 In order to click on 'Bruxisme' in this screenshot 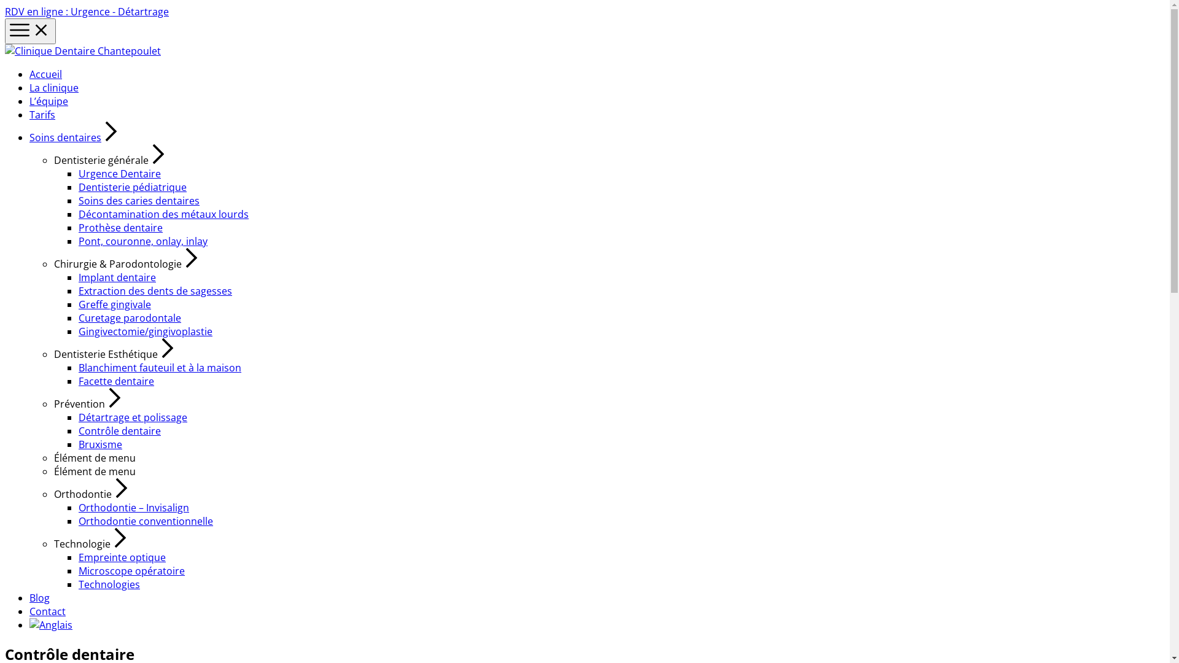, I will do `click(100, 444)`.